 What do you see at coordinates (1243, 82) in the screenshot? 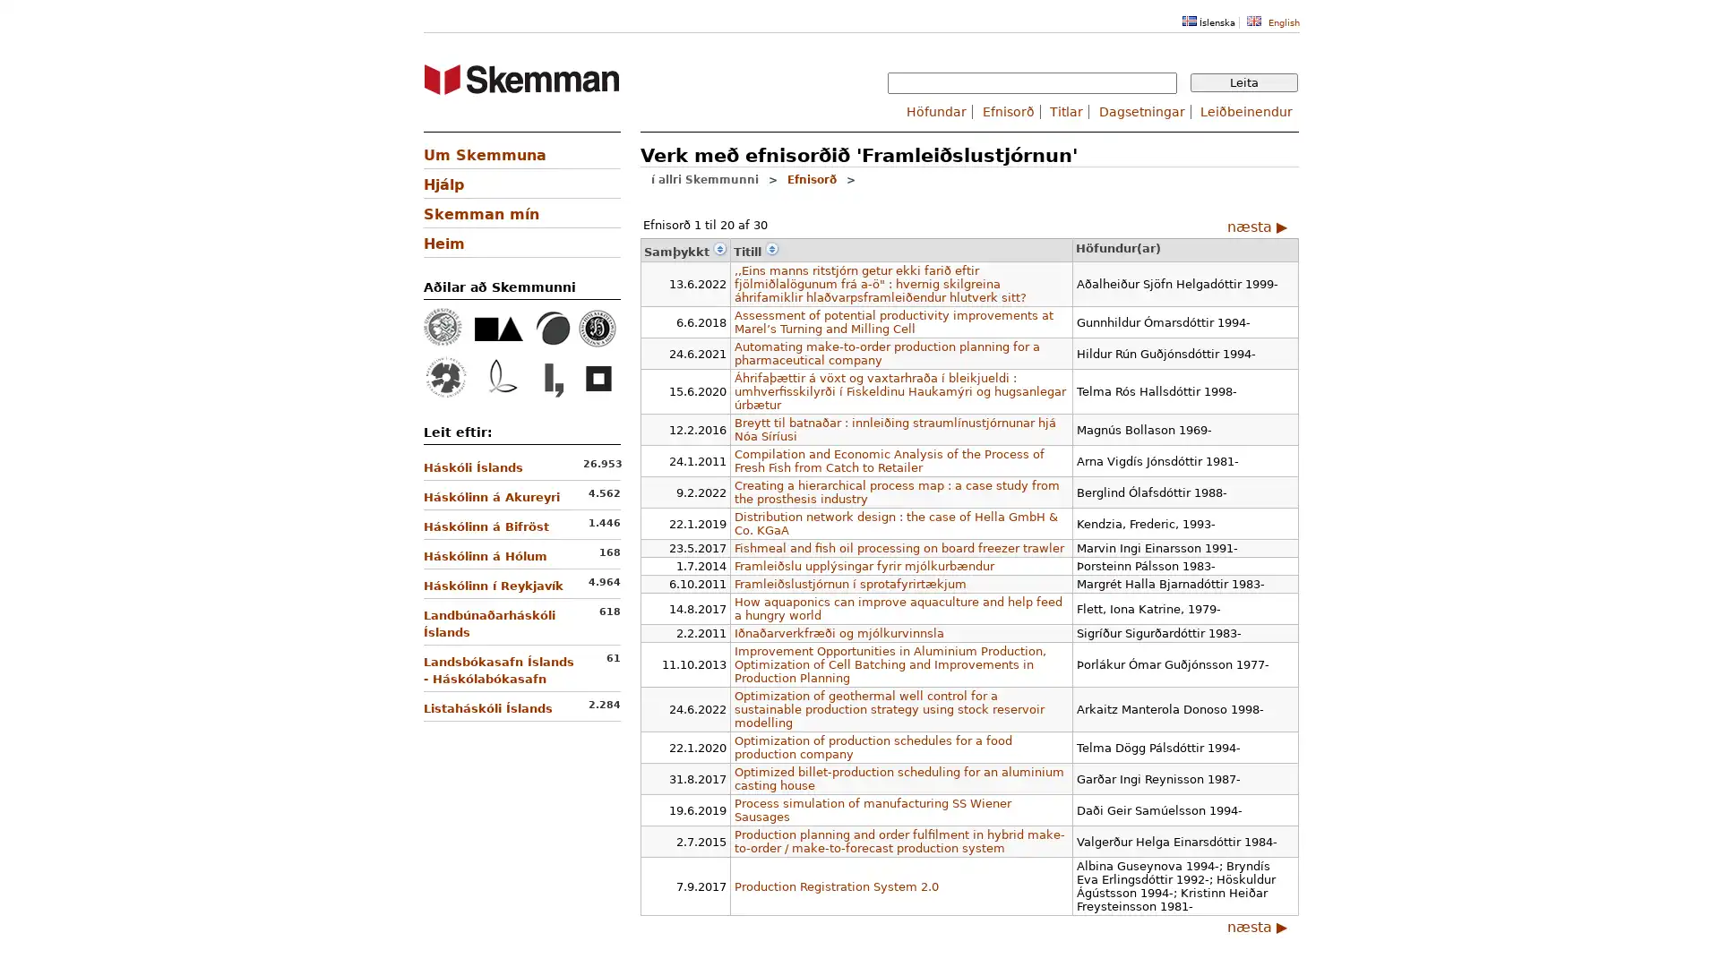
I see `Leita` at bounding box center [1243, 82].